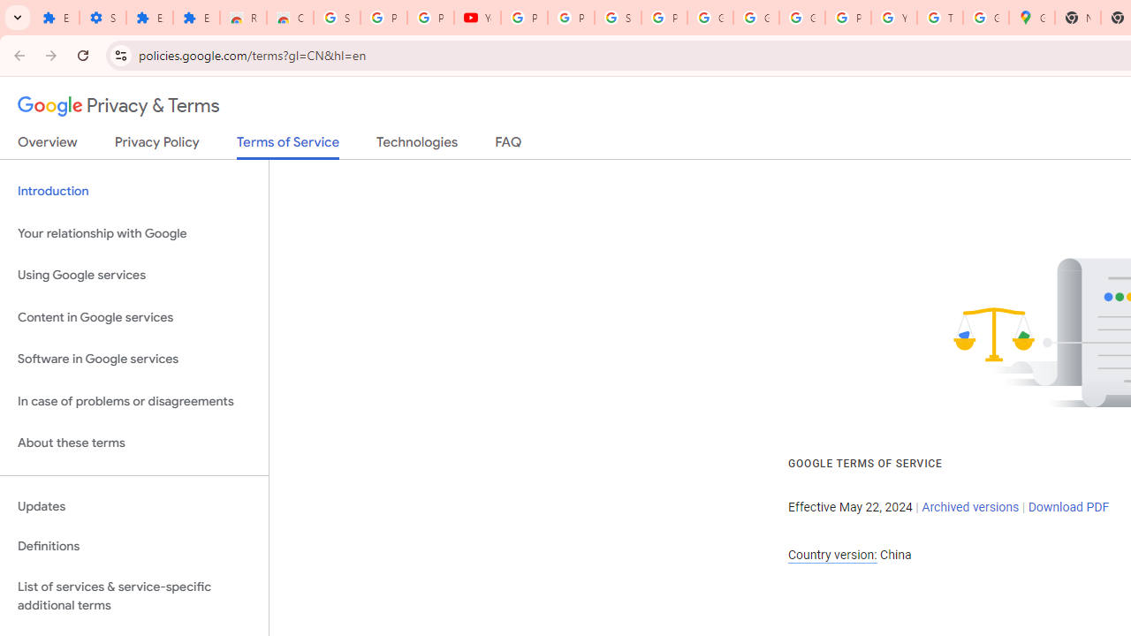 The height and width of the screenshot is (636, 1131). I want to click on 'Using Google services', so click(133, 276).